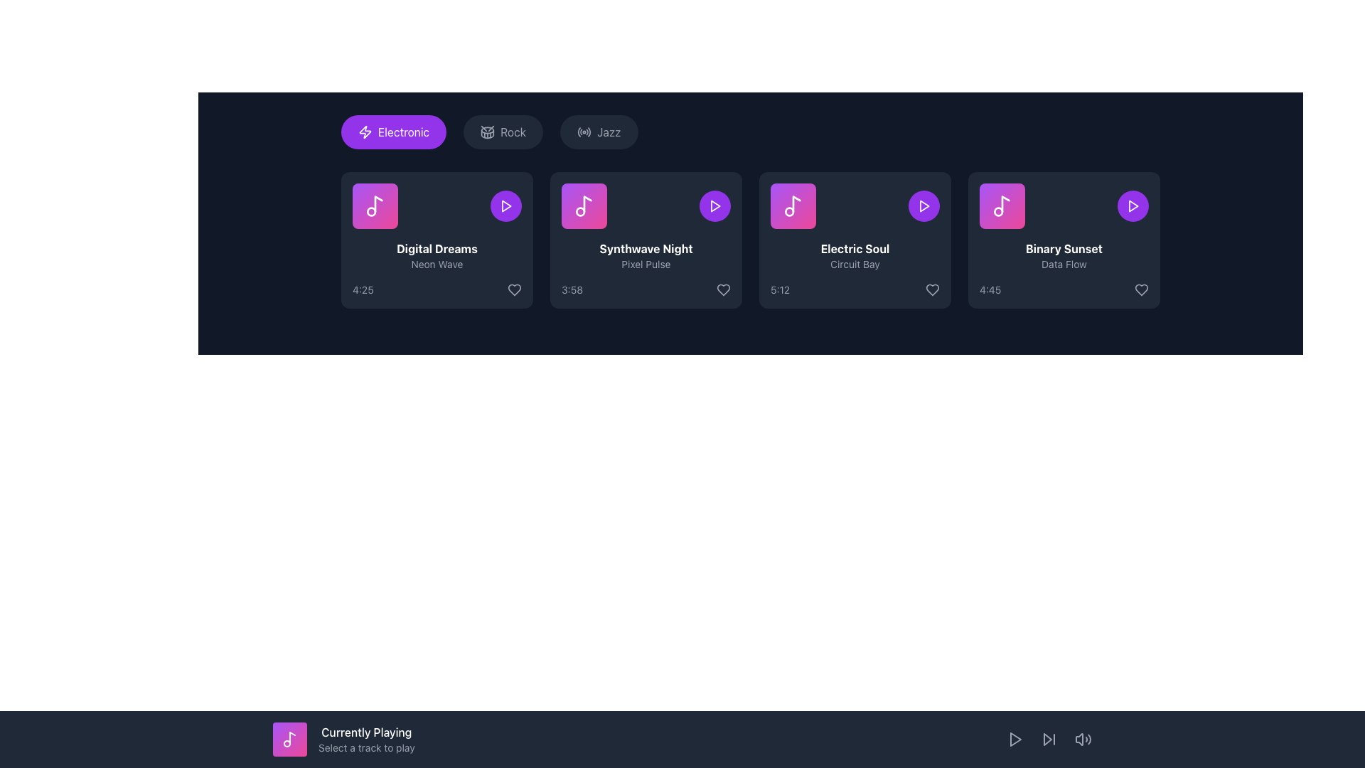  What do you see at coordinates (990, 289) in the screenshot?
I see `the text label displaying the duration '4:45' in a small gray font located under the title 'Binary Sunset' on the music item card` at bounding box center [990, 289].